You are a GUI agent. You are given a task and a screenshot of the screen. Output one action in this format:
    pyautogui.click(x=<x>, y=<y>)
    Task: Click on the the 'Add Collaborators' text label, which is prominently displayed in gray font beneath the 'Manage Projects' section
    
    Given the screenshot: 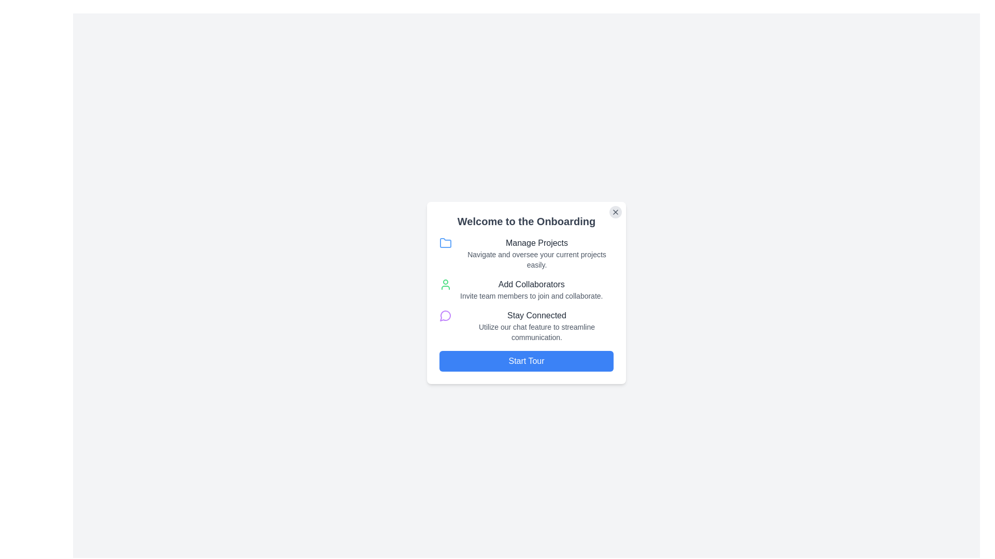 What is the action you would take?
    pyautogui.click(x=531, y=285)
    